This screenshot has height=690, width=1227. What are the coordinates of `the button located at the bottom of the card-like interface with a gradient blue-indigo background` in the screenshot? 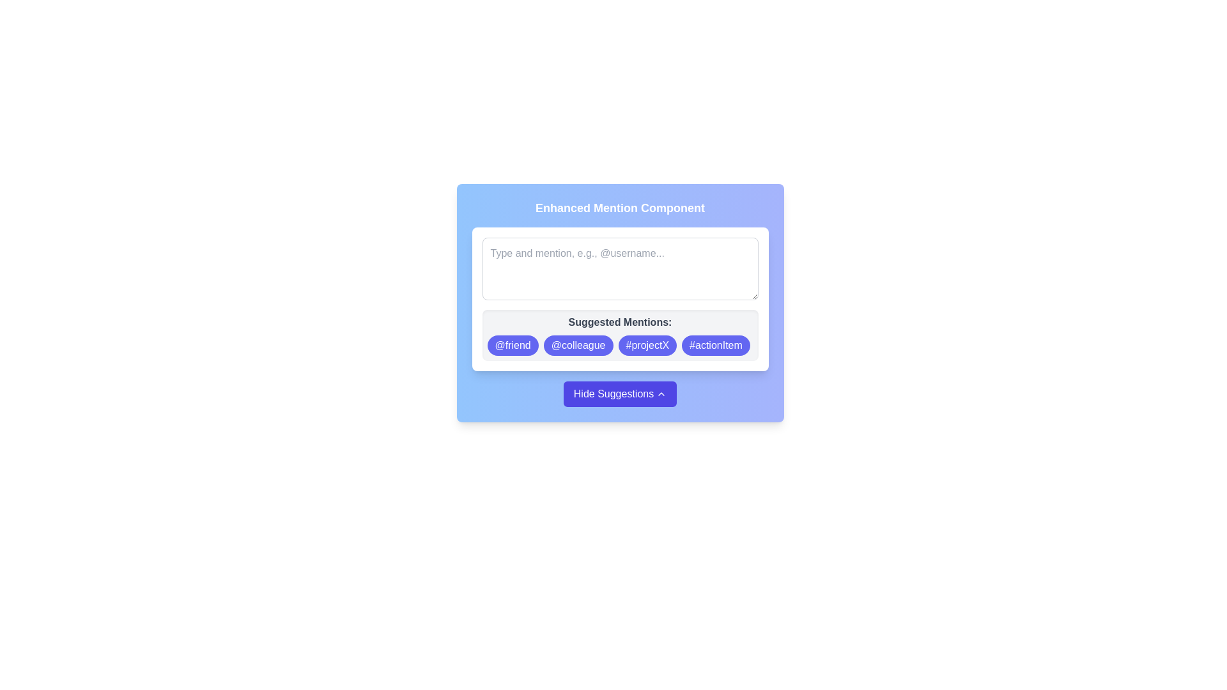 It's located at (620, 394).